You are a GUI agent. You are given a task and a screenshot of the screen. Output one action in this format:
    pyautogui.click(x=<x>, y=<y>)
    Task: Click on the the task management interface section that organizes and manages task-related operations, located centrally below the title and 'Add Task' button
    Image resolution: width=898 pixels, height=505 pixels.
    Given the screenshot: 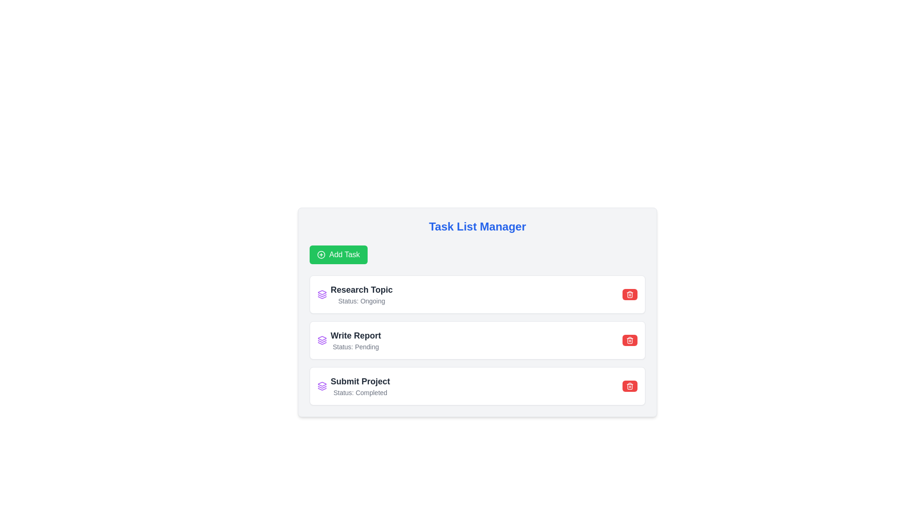 What is the action you would take?
    pyautogui.click(x=478, y=312)
    